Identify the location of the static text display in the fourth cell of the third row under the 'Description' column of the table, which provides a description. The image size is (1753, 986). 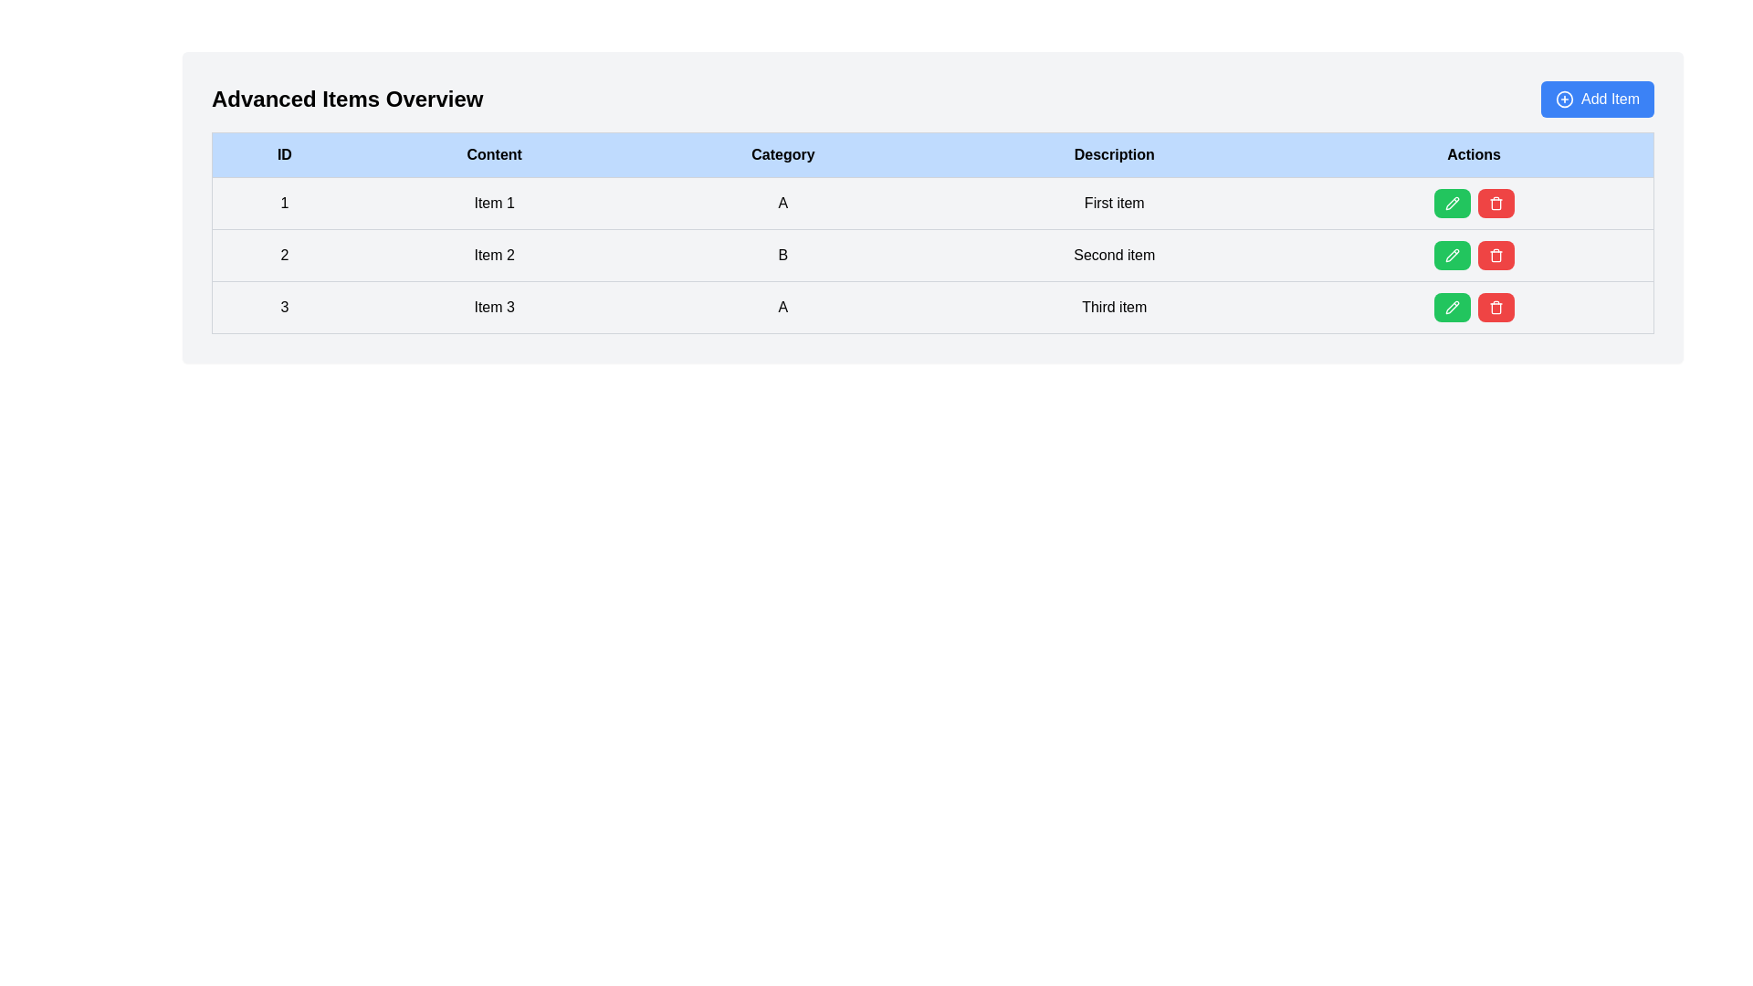
(1113, 306).